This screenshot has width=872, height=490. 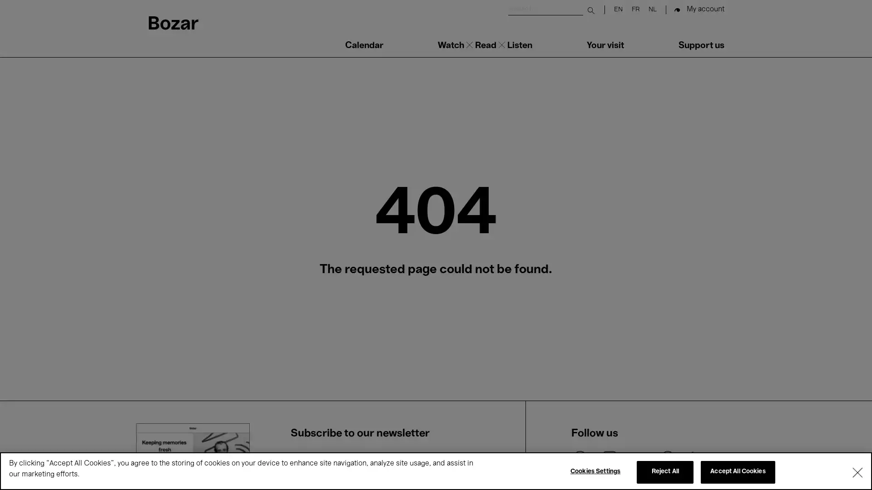 I want to click on Cookies Settings, so click(x=595, y=471).